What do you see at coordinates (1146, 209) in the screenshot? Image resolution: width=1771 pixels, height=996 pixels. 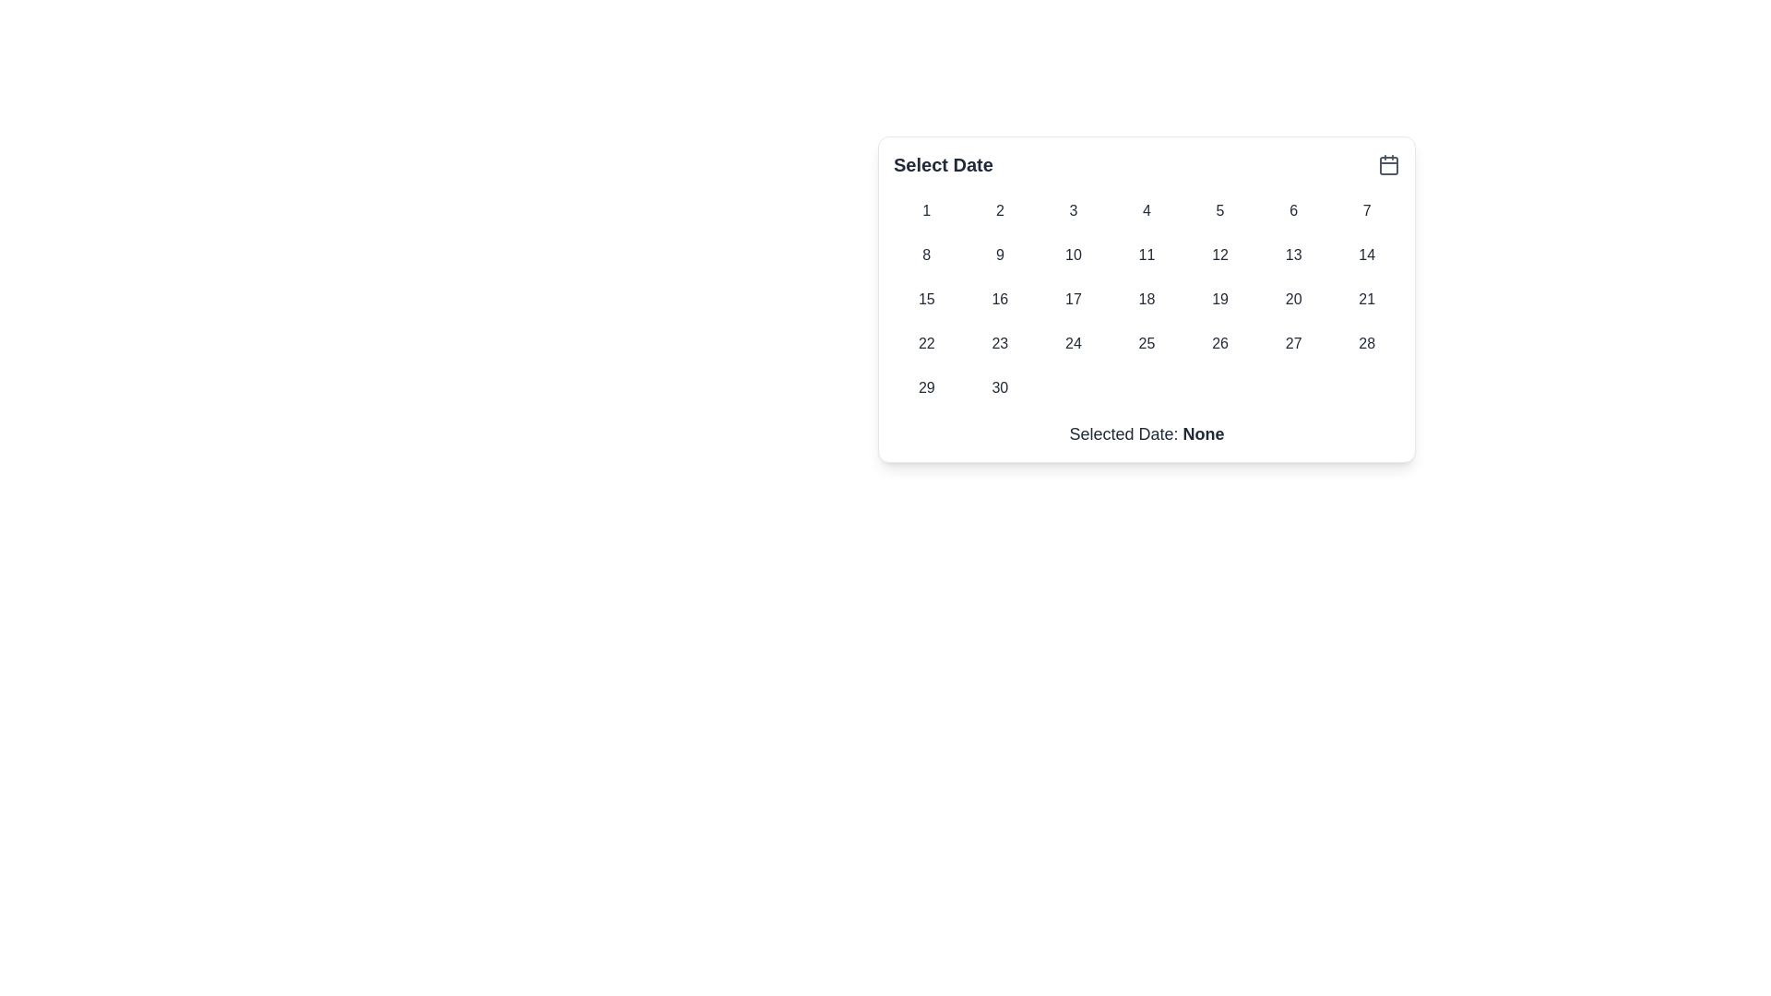 I see `the button labeled '4' located in the date selection interface, which is the fourth item in the first row of a 7-column grid layout` at bounding box center [1146, 209].